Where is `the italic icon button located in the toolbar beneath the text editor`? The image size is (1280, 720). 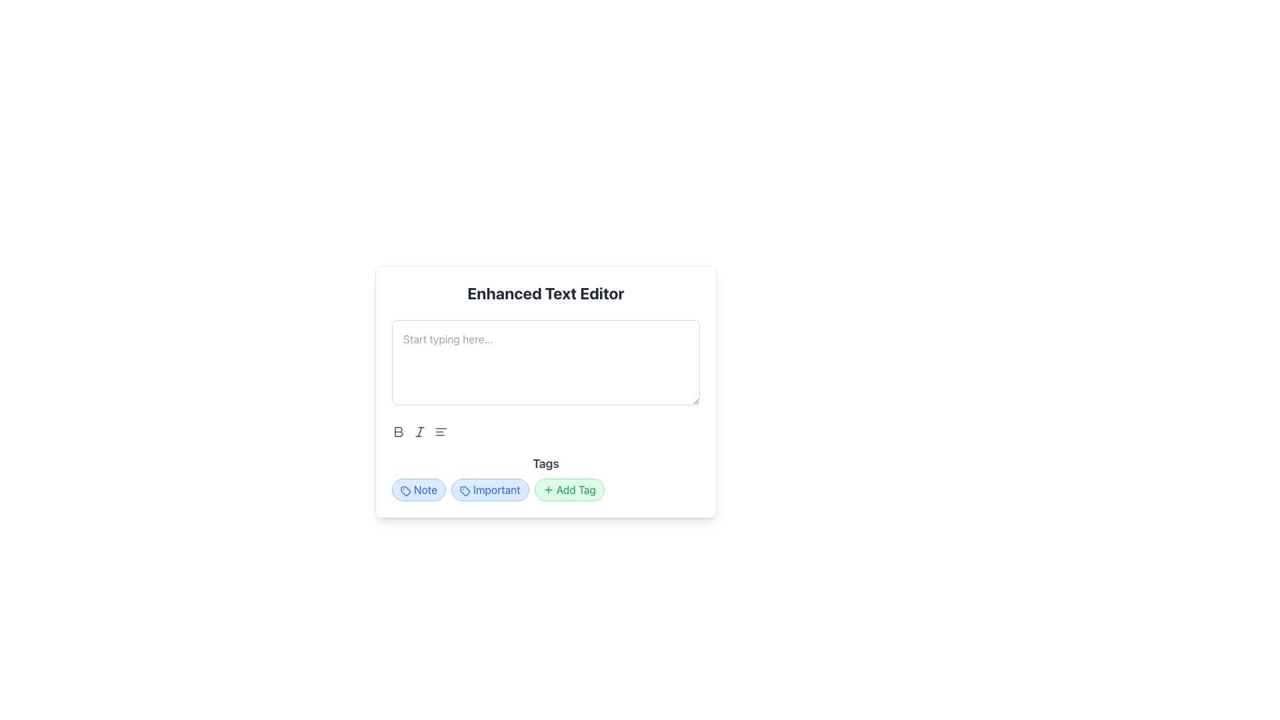 the italic icon button located in the toolbar beneath the text editor is located at coordinates (419, 432).